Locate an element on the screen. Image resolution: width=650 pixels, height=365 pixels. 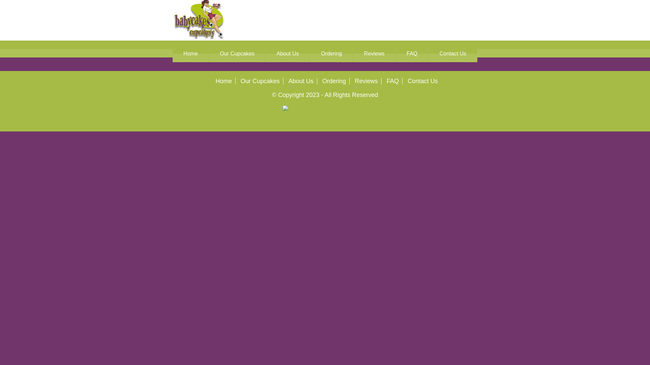
'Ordering' is located at coordinates (334, 80).